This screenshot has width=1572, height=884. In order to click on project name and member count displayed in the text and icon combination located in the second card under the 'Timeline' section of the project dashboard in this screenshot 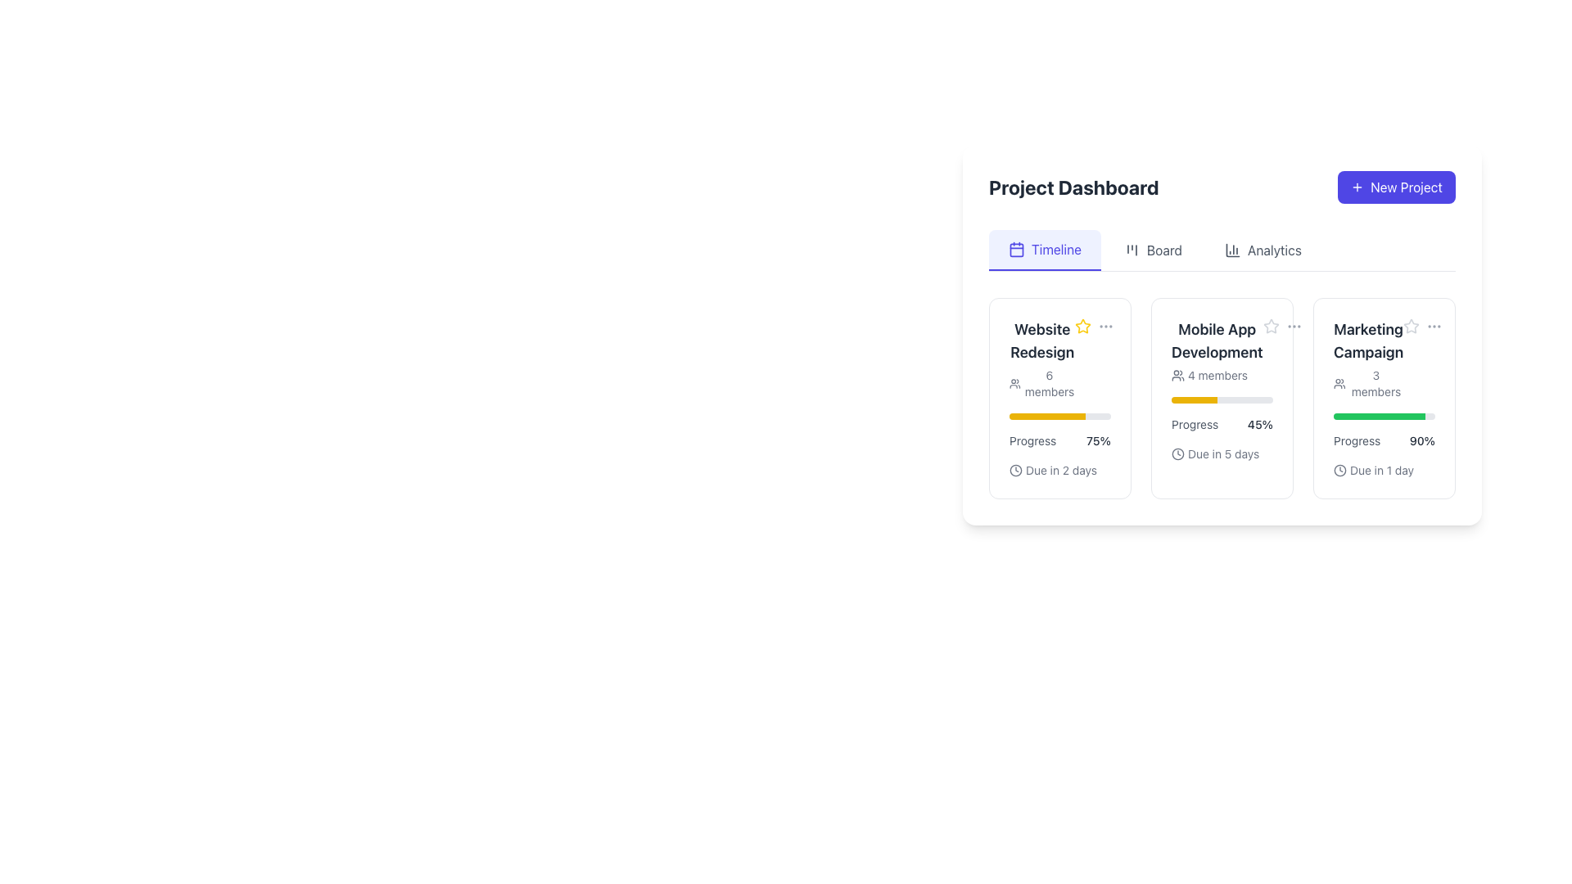, I will do `click(1222, 350)`.